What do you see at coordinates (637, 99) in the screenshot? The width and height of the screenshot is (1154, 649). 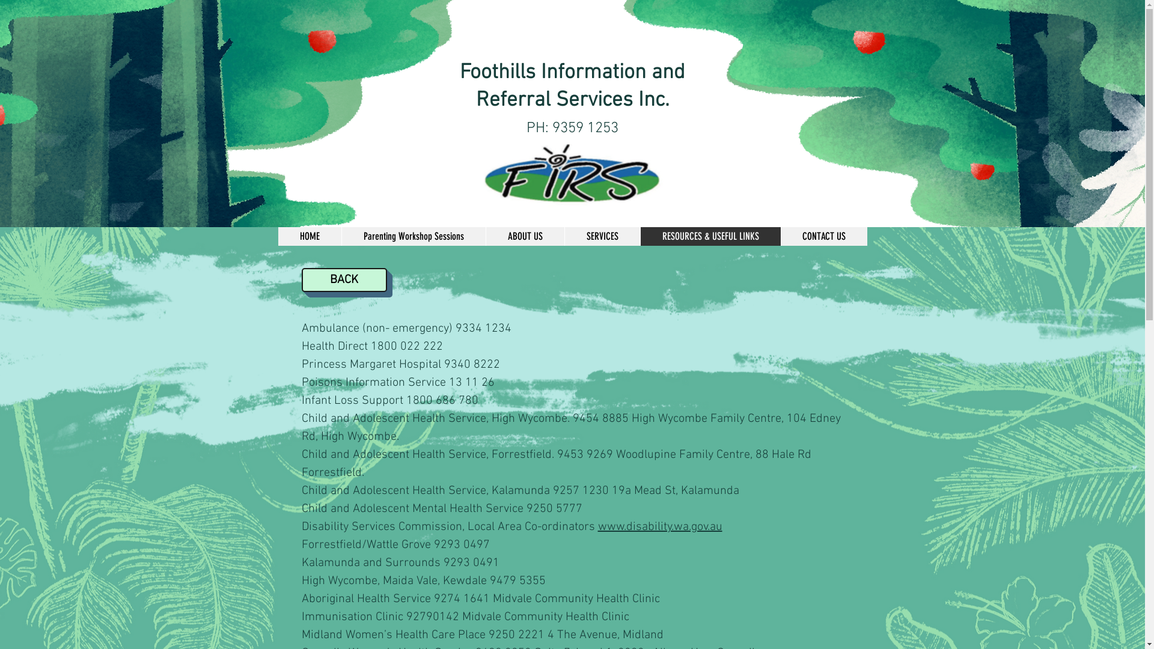 I see `'Inc.'` at bounding box center [637, 99].